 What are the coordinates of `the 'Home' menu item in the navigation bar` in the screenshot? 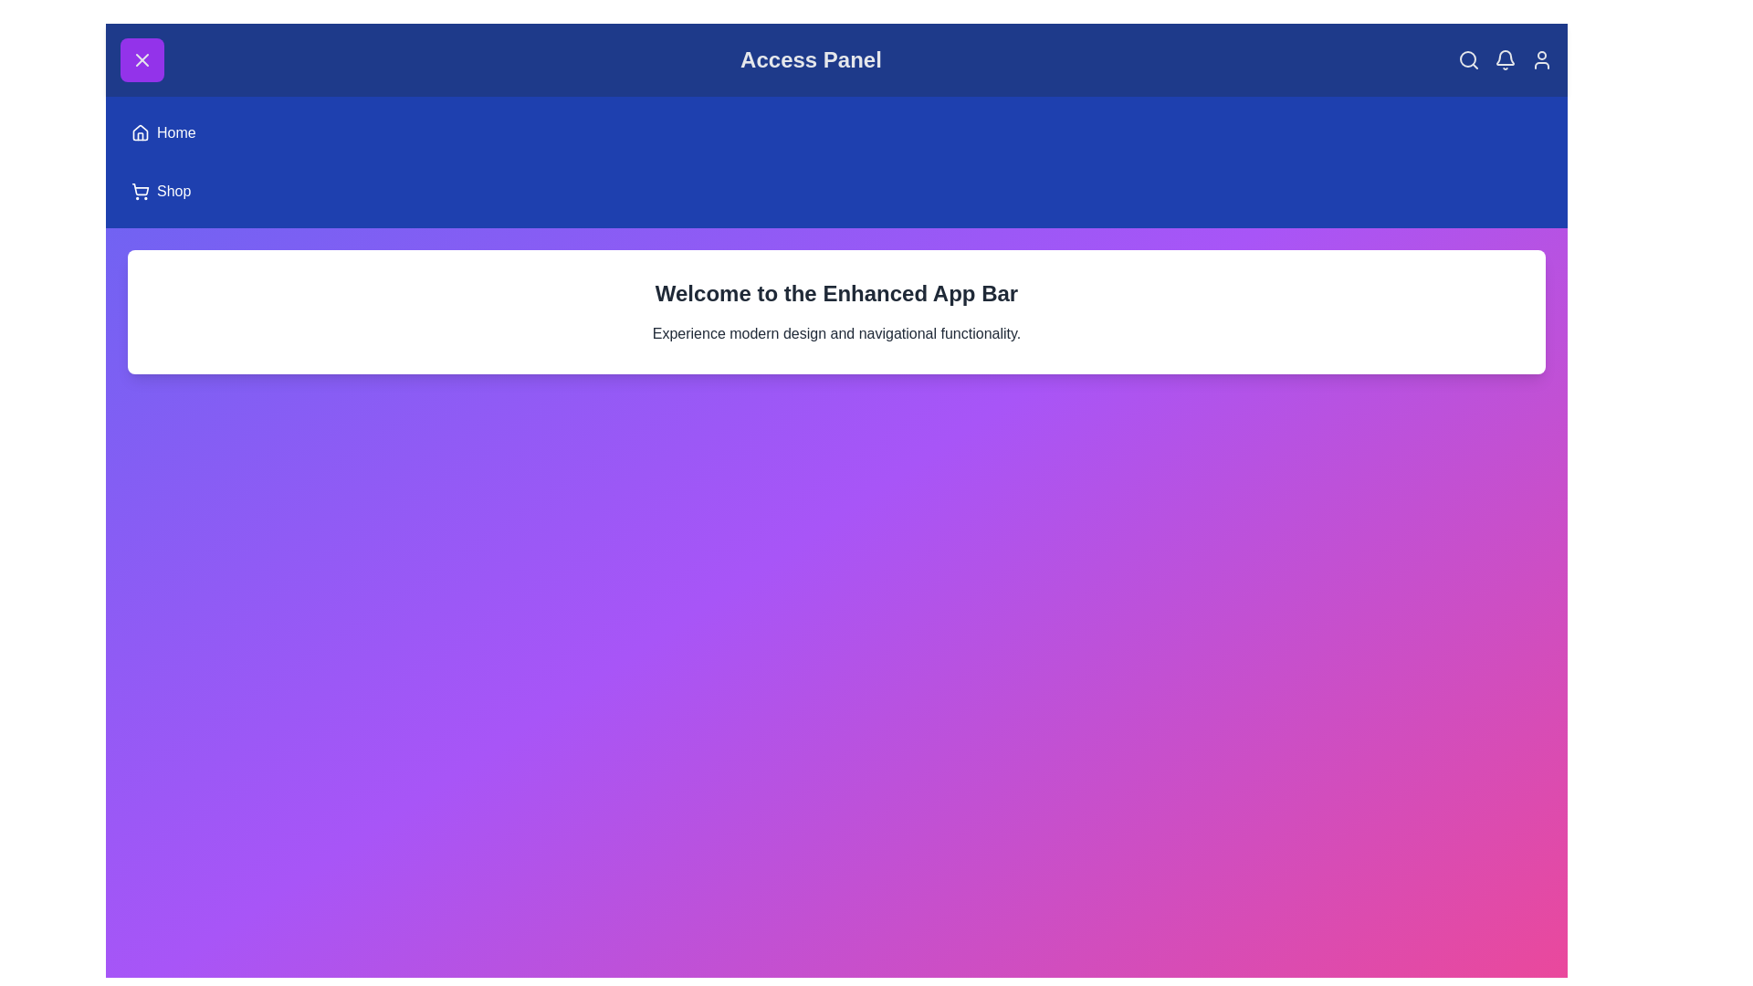 It's located at (175, 132).